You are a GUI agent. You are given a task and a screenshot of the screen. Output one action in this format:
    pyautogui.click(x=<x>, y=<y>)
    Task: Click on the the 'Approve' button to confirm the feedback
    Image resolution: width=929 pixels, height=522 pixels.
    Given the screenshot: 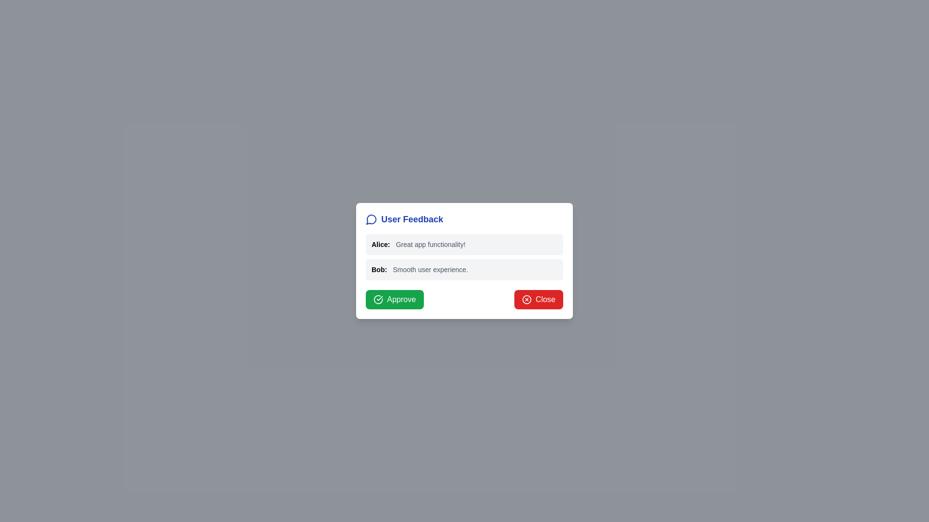 What is the action you would take?
    pyautogui.click(x=394, y=299)
    